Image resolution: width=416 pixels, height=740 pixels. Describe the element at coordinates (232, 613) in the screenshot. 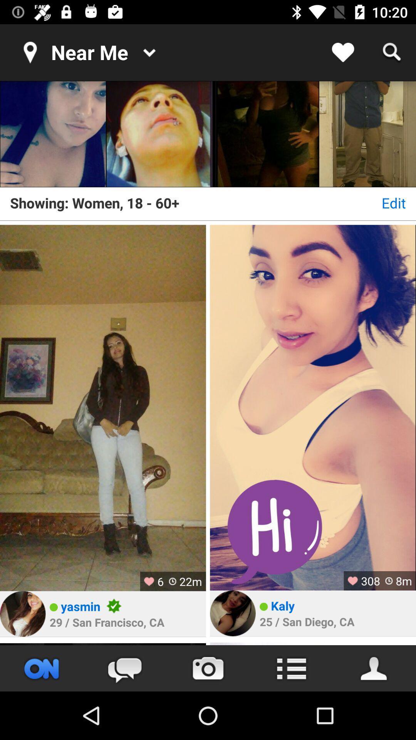

I see `open profile` at that location.